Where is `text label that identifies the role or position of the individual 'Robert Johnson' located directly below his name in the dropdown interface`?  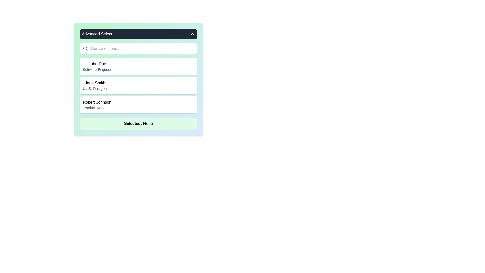 text label that identifies the role or position of the individual 'Robert Johnson' located directly below his name in the dropdown interface is located at coordinates (97, 108).